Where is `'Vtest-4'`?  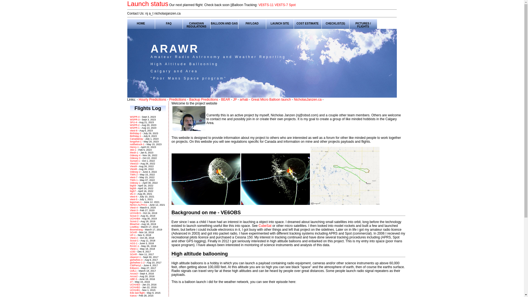
'Vtest-4' is located at coordinates (129, 208).